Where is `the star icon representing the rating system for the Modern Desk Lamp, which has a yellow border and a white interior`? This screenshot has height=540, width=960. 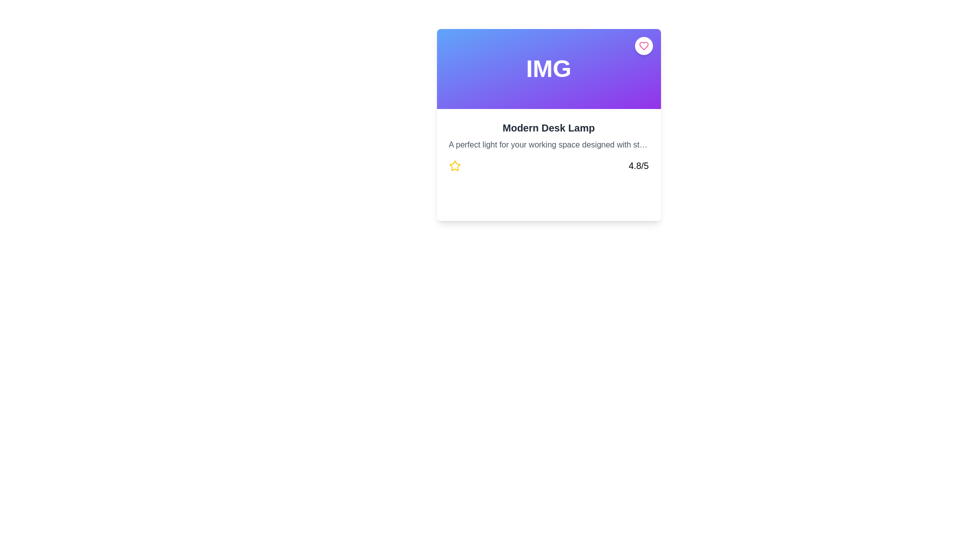 the star icon representing the rating system for the Modern Desk Lamp, which has a yellow border and a white interior is located at coordinates (454, 165).